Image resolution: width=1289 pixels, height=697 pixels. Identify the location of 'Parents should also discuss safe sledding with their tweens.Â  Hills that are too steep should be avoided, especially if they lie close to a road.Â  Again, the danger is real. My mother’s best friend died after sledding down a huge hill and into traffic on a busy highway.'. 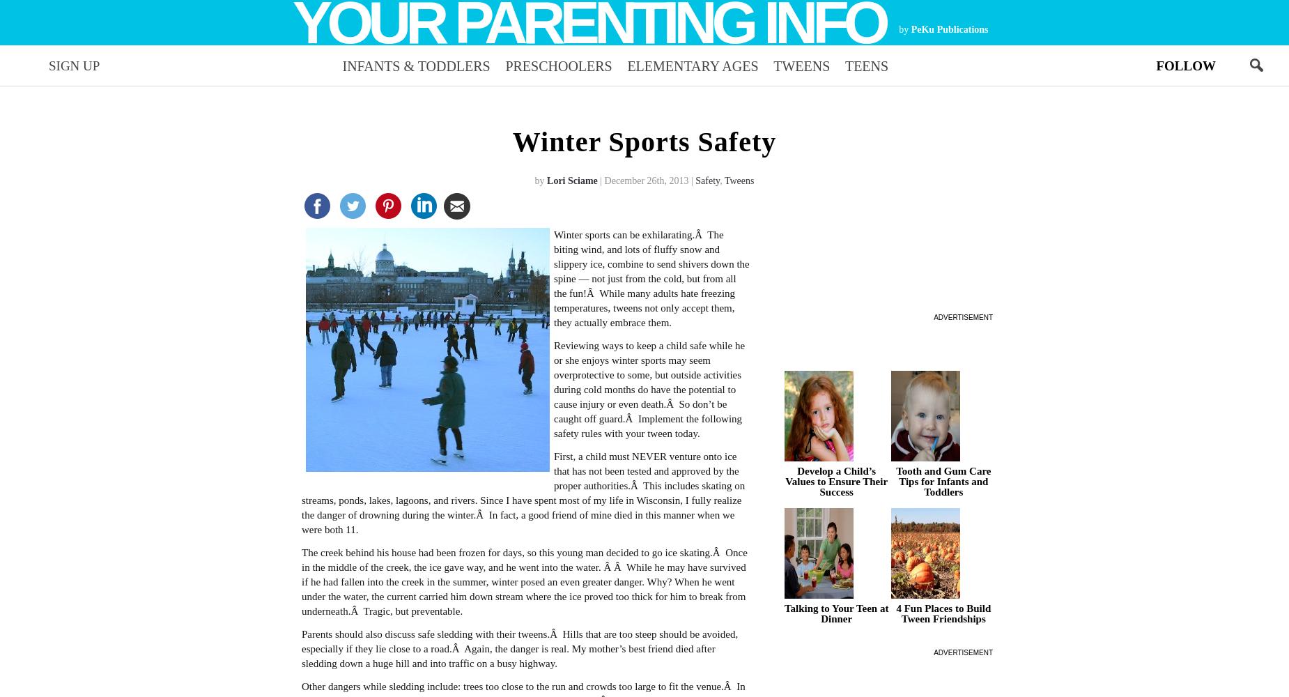
(519, 648).